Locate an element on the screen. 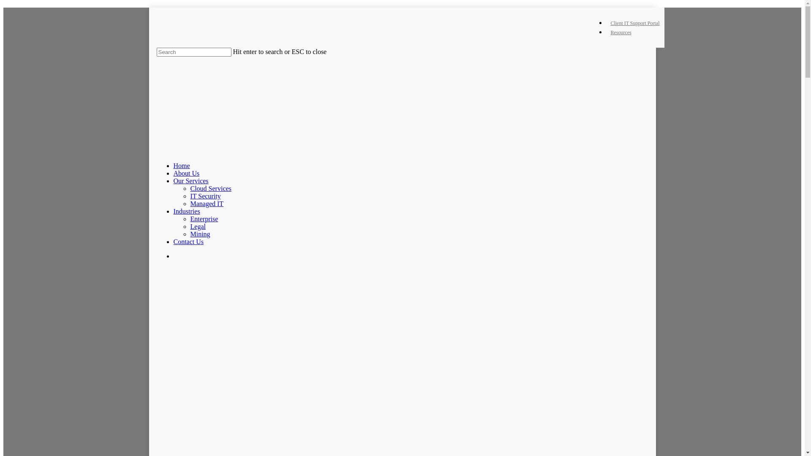  'Managed IT' is located at coordinates (190, 204).